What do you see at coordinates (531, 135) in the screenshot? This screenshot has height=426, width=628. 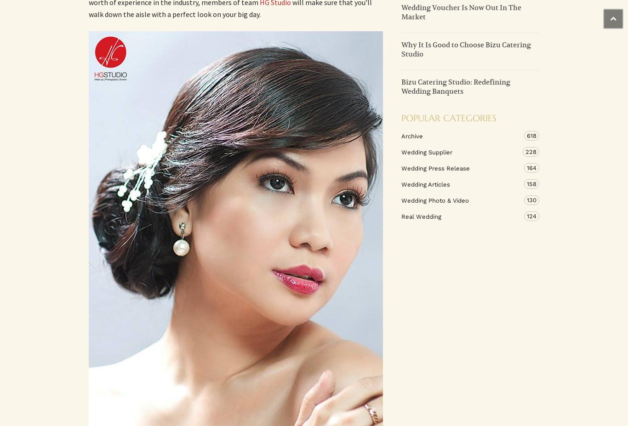 I see `'618'` at bounding box center [531, 135].